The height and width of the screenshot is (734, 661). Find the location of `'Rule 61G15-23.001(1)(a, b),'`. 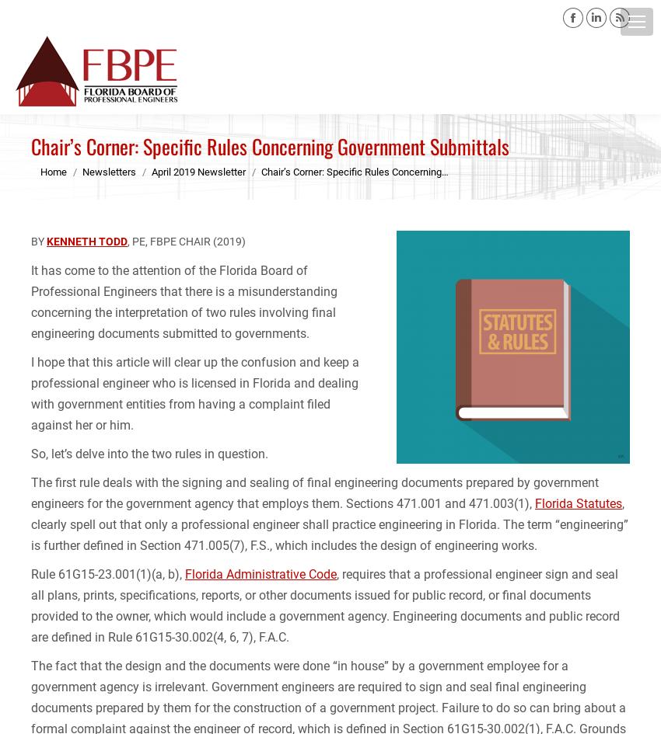

'Rule 61G15-23.001(1)(a, b),' is located at coordinates (107, 574).